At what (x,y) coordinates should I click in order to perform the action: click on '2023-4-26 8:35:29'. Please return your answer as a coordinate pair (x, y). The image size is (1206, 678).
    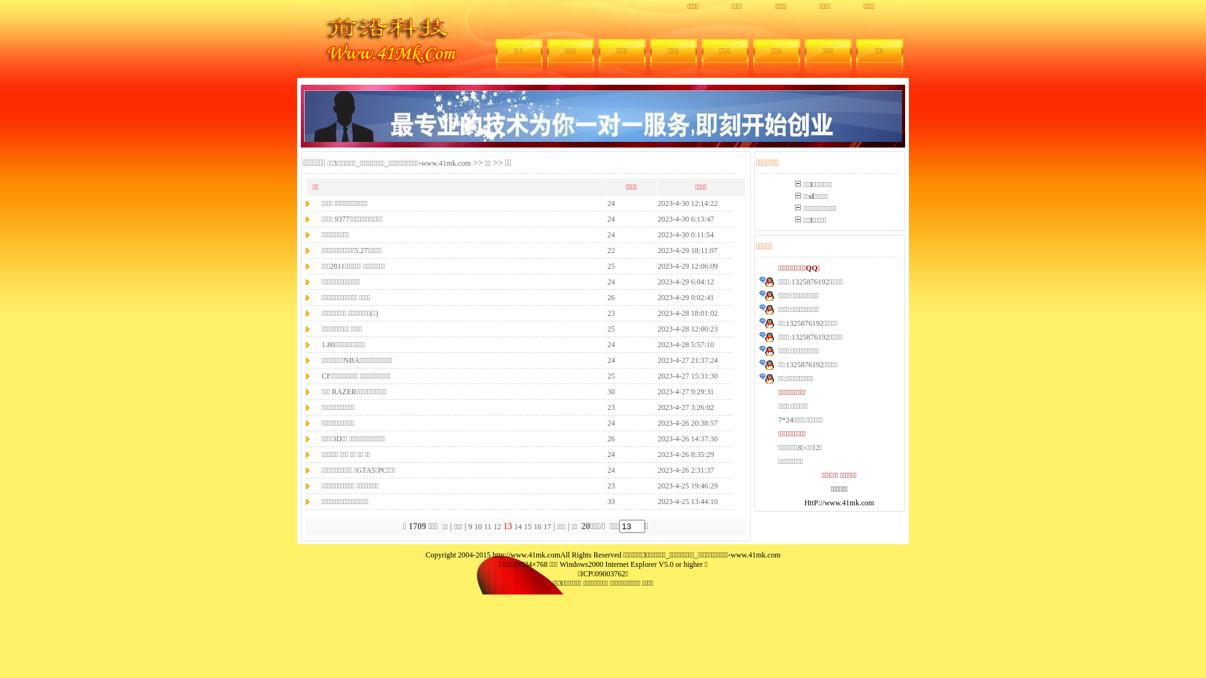
    Looking at the image, I should click on (685, 453).